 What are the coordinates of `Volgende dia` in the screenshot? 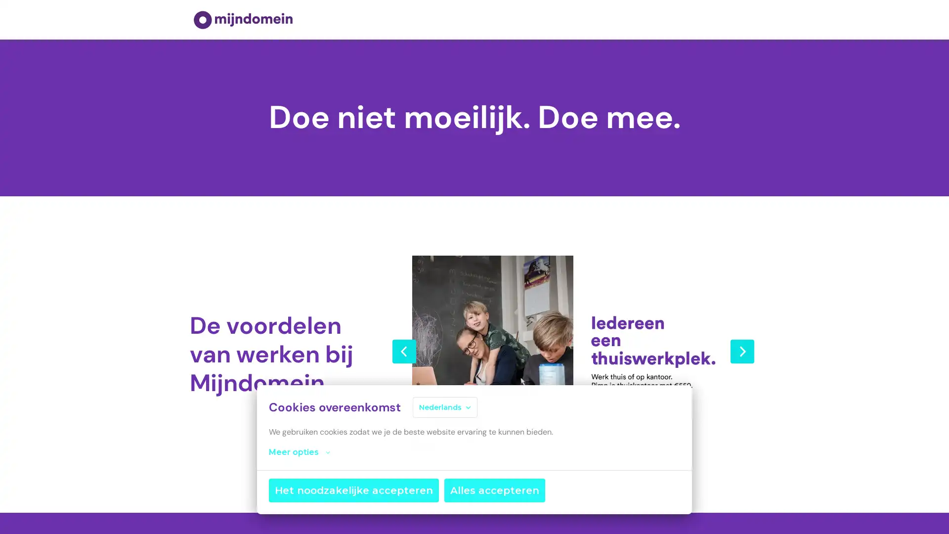 It's located at (742, 350).